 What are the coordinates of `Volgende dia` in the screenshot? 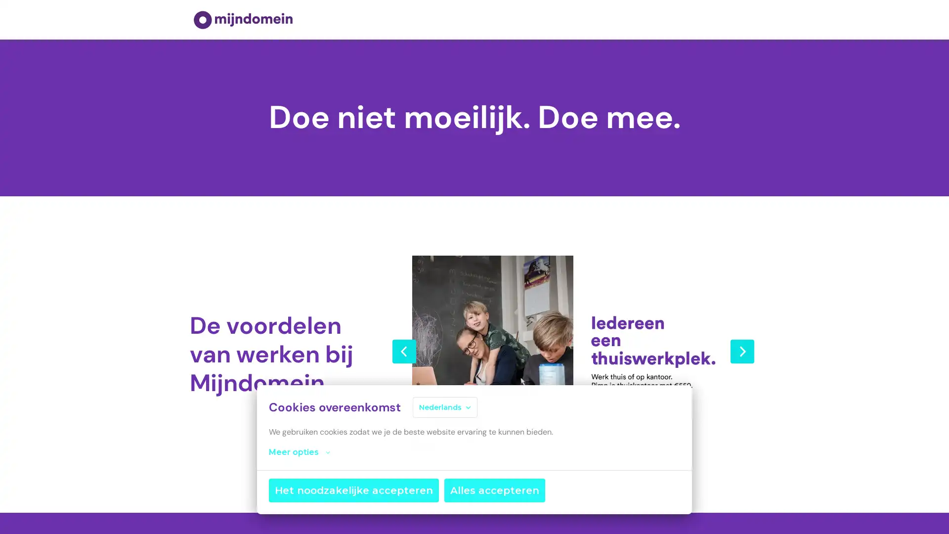 It's located at (742, 350).